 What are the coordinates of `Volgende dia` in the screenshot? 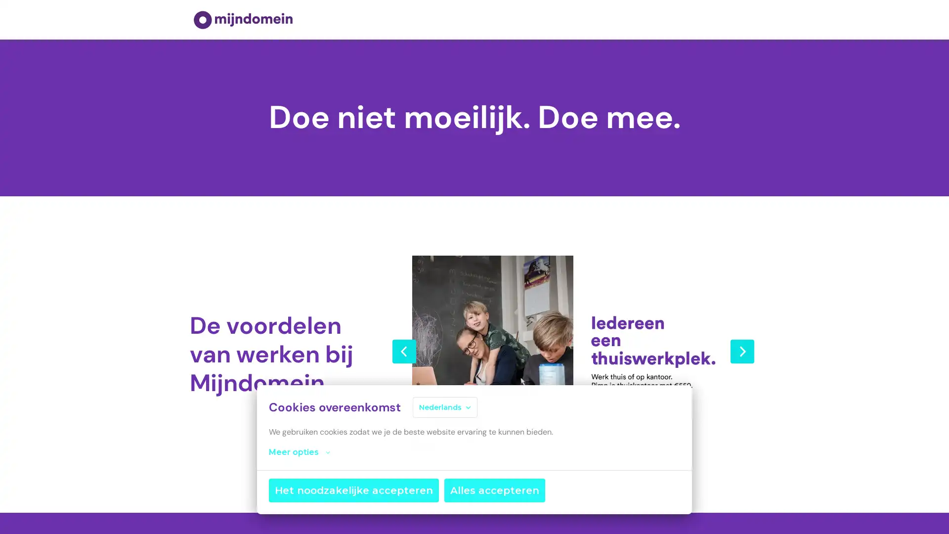 It's located at (742, 350).